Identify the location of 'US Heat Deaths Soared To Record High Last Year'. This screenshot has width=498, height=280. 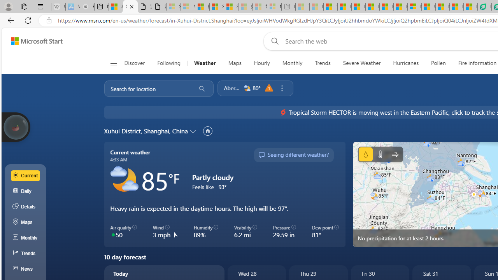
(428, 7).